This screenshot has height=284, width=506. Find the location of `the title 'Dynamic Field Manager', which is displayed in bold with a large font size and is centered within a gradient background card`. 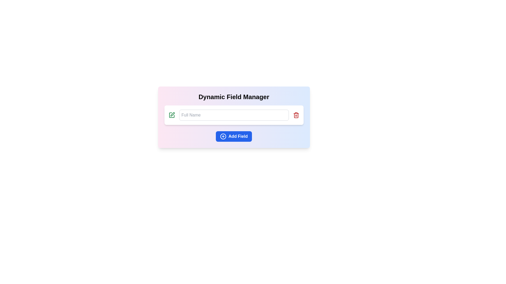

the title 'Dynamic Field Manager', which is displayed in bold with a large font size and is centered within a gradient background card is located at coordinates (233, 97).